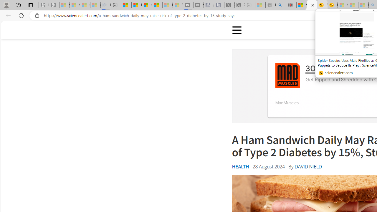 Image resolution: width=377 pixels, height=212 pixels. Describe the element at coordinates (237, 30) in the screenshot. I see `'Class: sciencealert-menu-desktop-svg '` at that location.